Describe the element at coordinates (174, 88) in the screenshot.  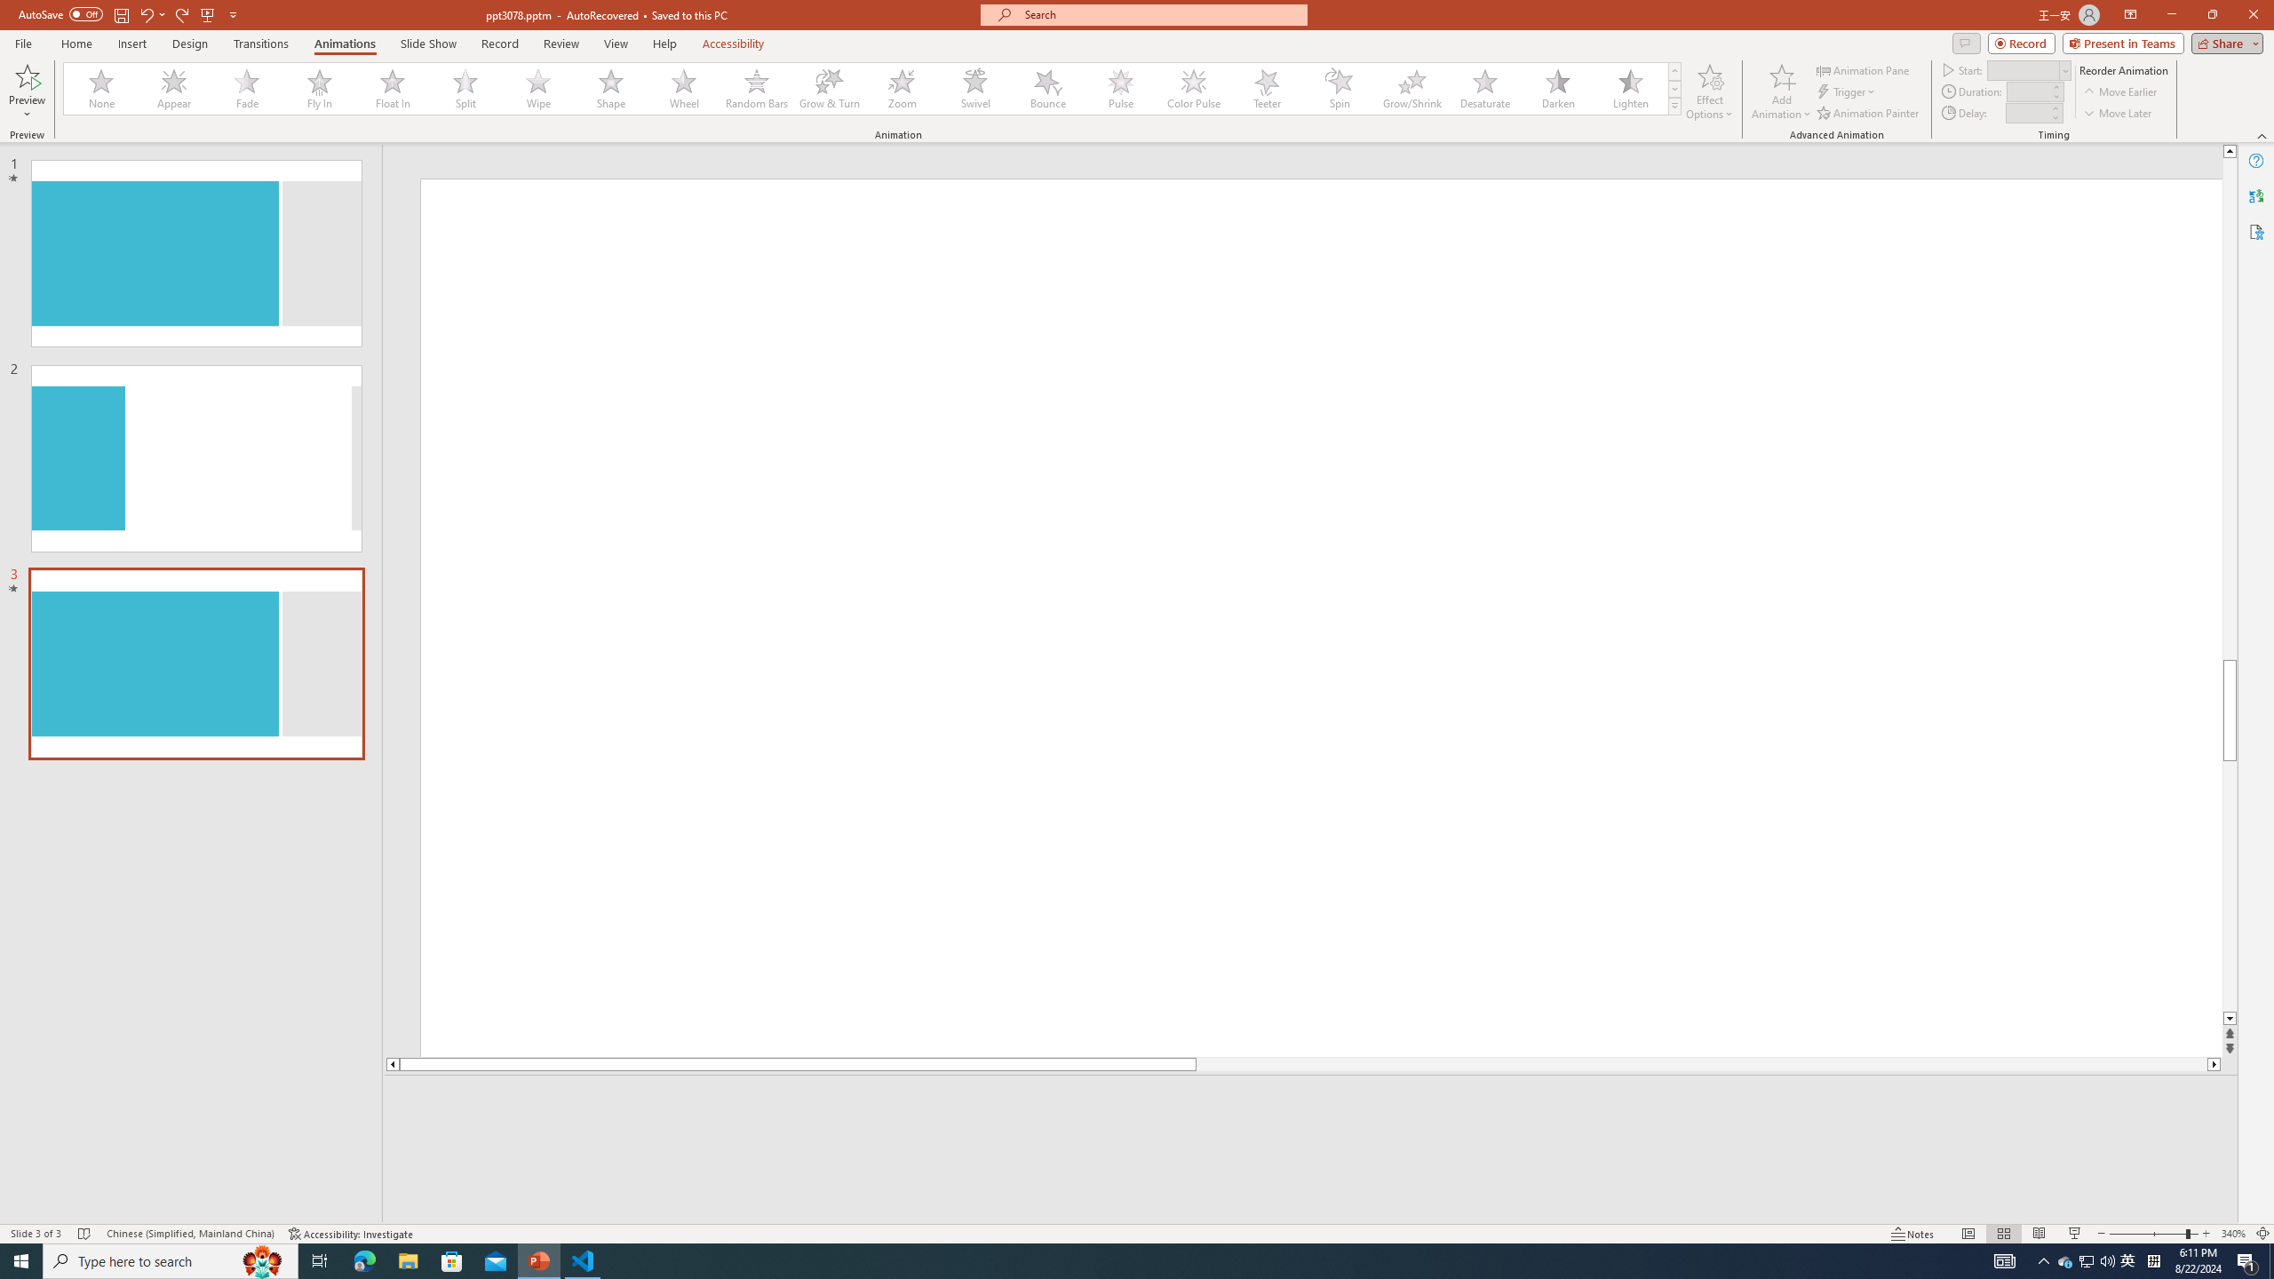
I see `'Appear'` at that location.